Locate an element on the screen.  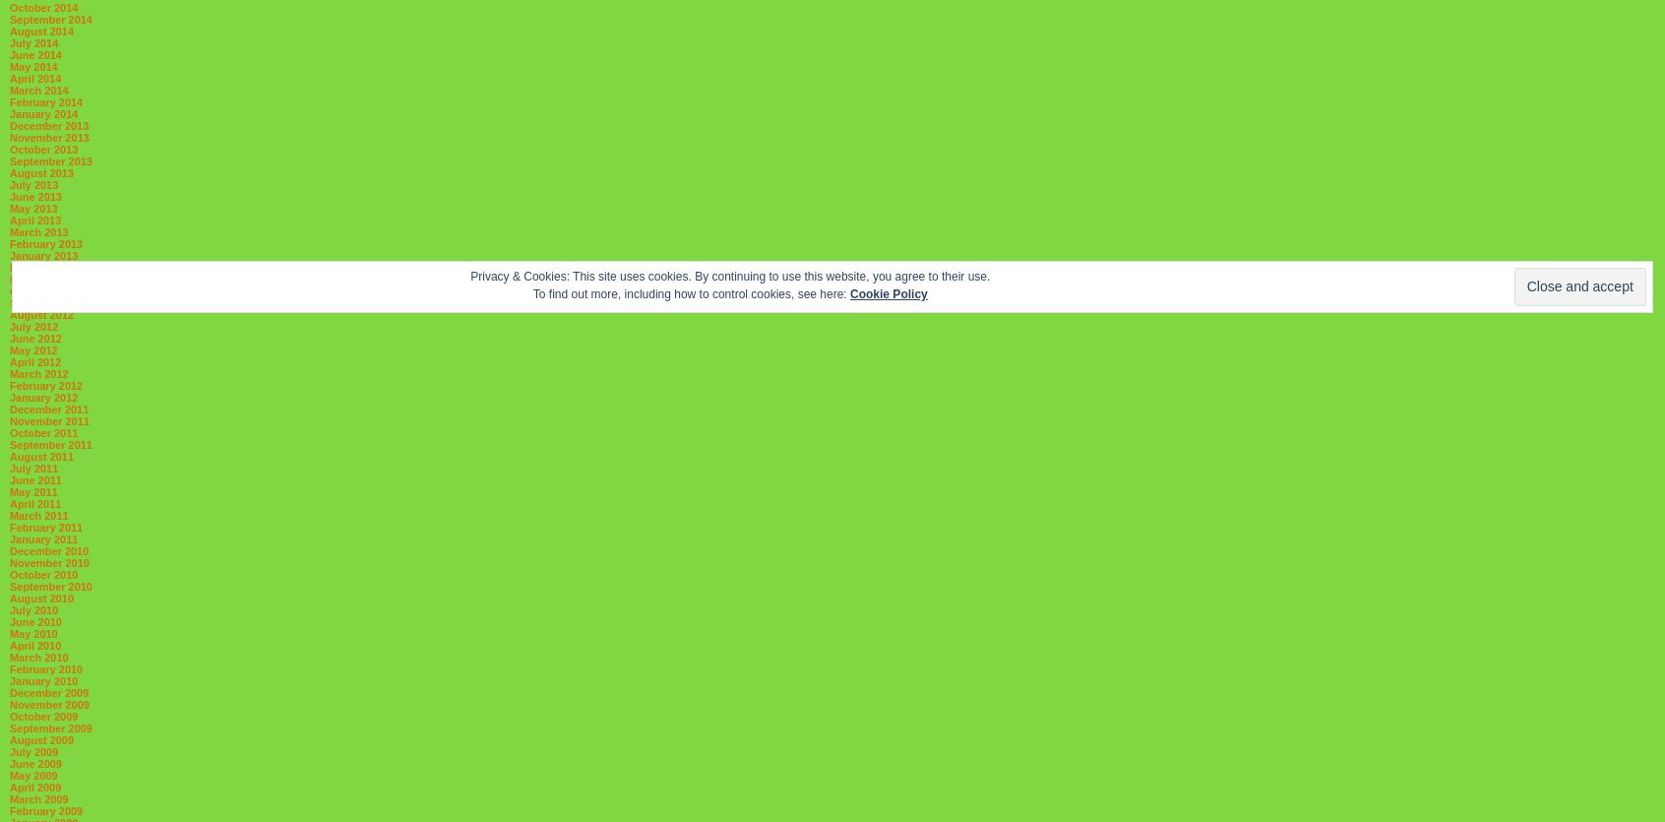
'May 2013' is located at coordinates (8, 209).